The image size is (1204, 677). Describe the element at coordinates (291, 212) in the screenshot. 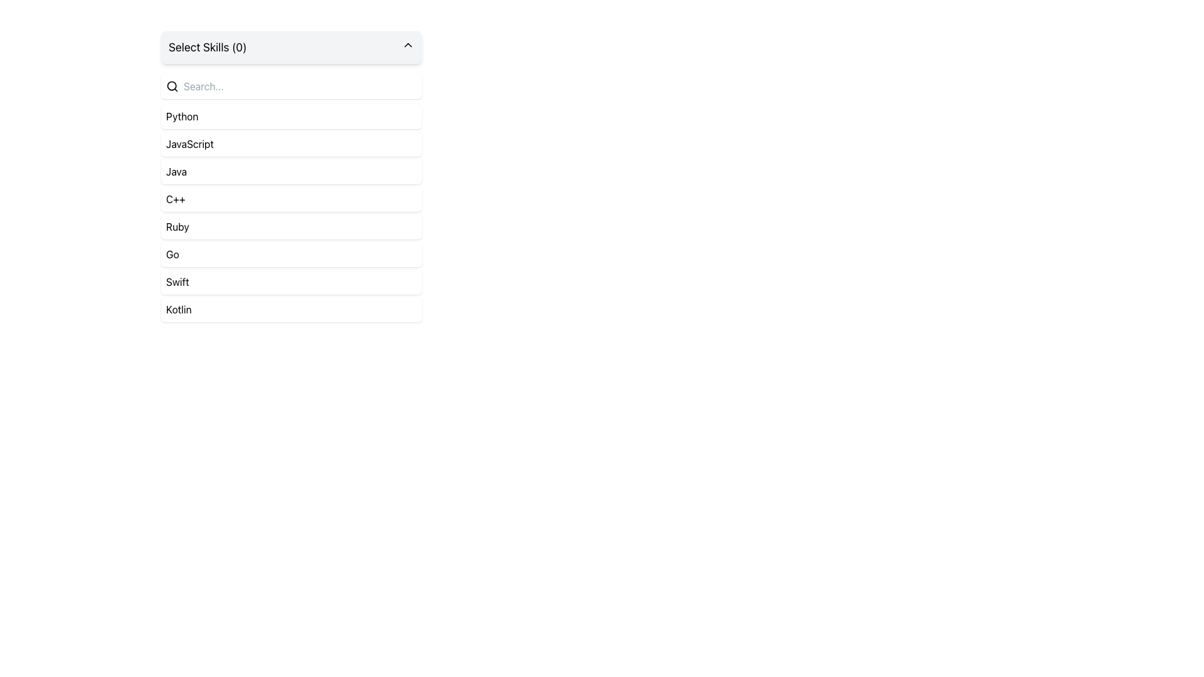

I see `the fourth item in the dropdown list of programming languages` at that location.